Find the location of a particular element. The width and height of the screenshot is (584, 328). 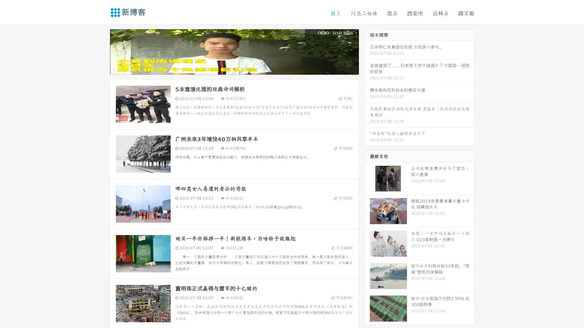

Previous slide is located at coordinates (100, 51).